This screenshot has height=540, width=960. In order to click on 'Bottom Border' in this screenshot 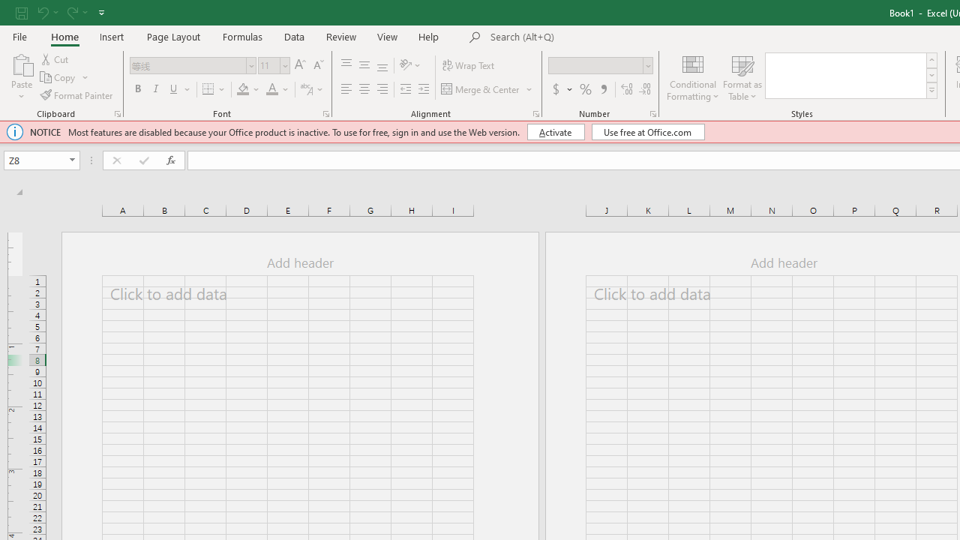, I will do `click(208, 89)`.